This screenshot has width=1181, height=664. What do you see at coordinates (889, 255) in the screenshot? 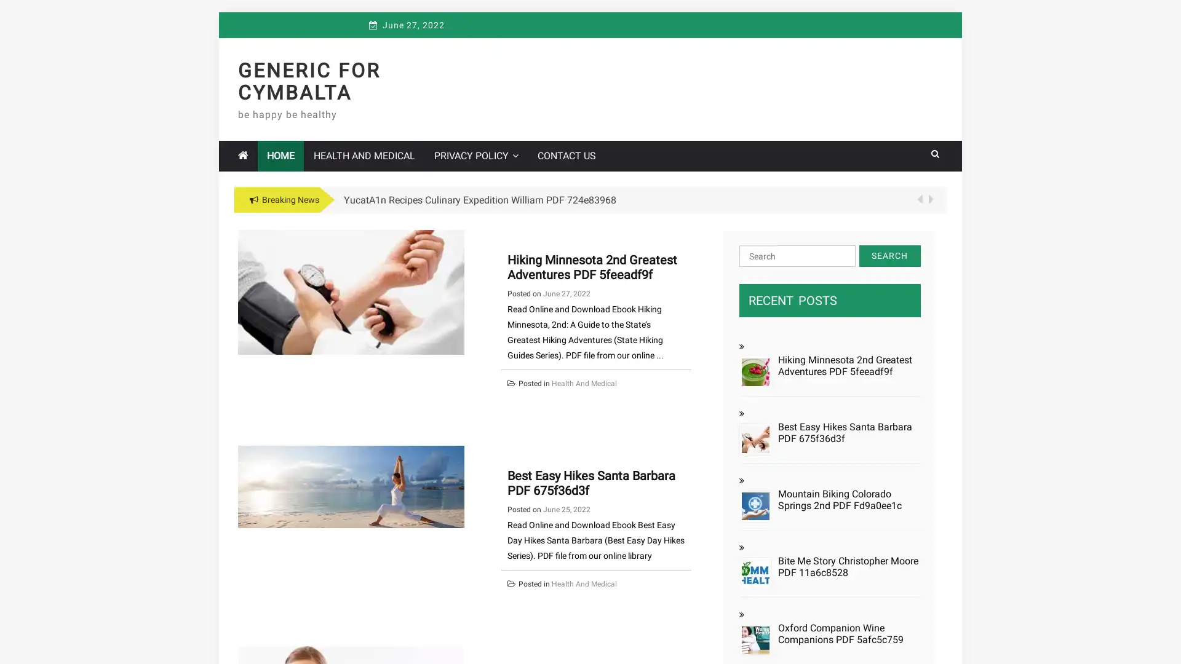
I see `Search` at bounding box center [889, 255].